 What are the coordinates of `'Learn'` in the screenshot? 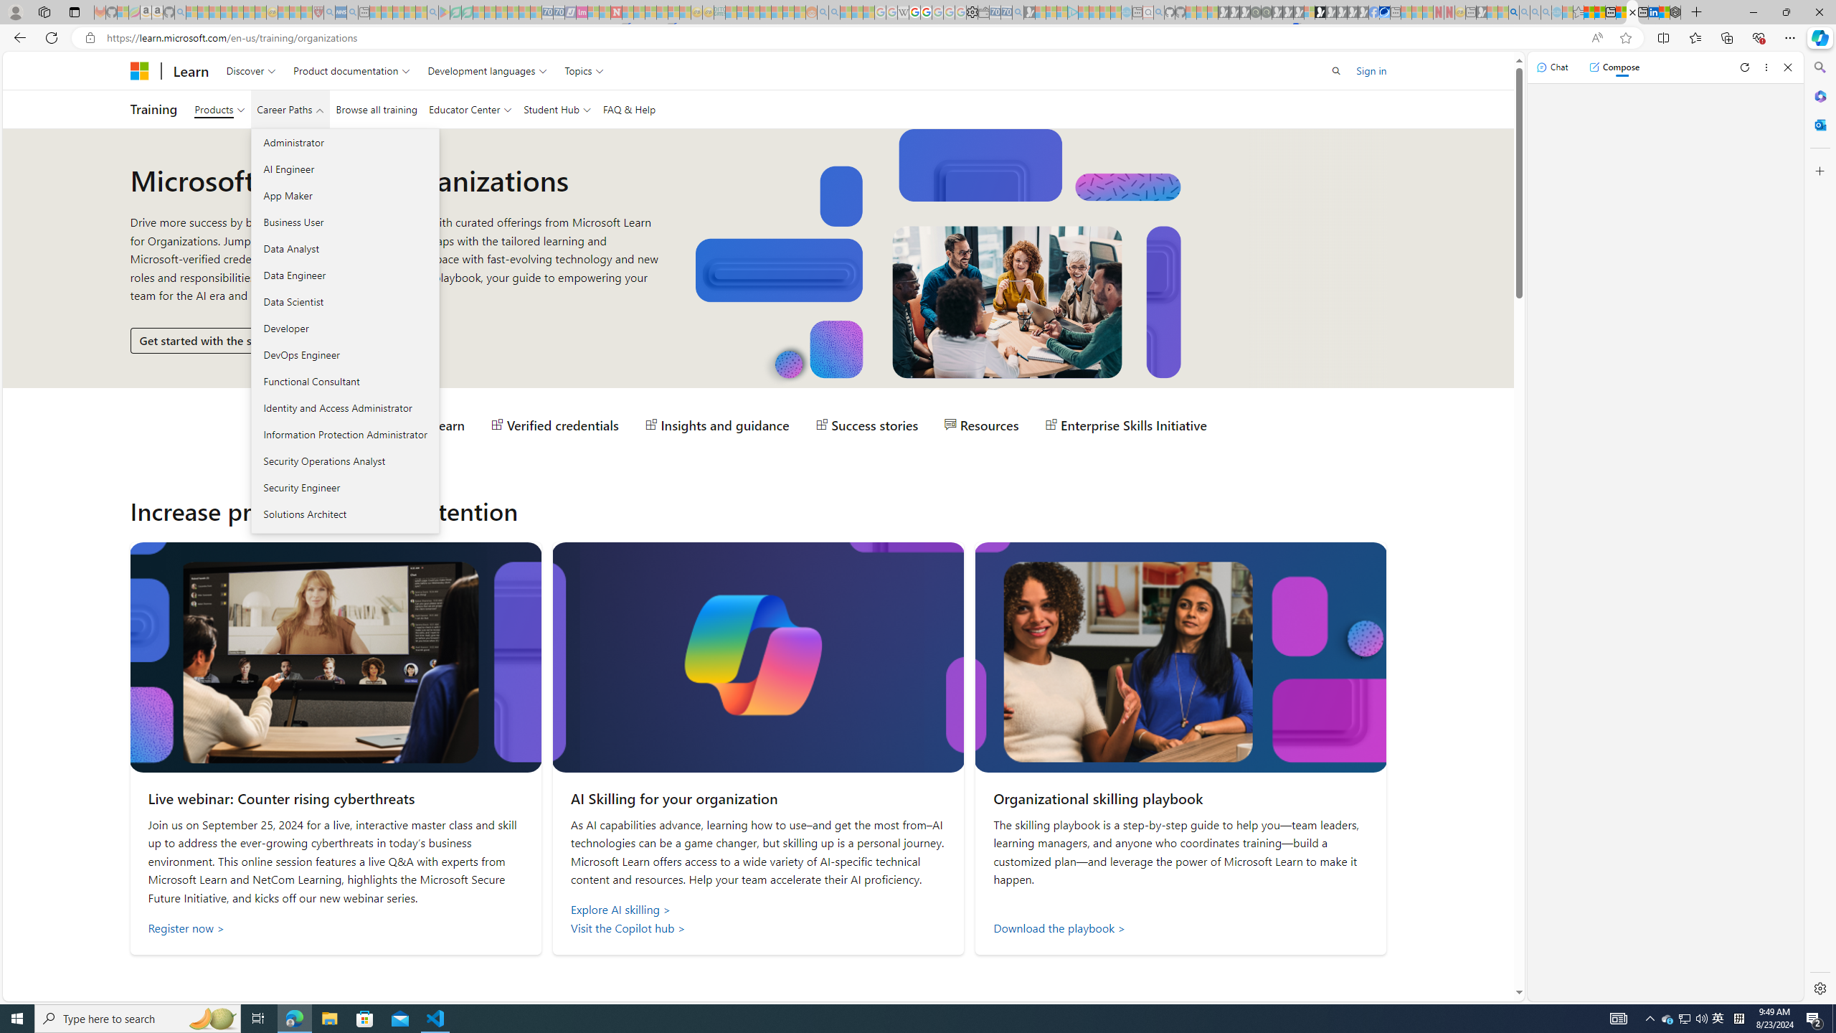 It's located at (190, 70).